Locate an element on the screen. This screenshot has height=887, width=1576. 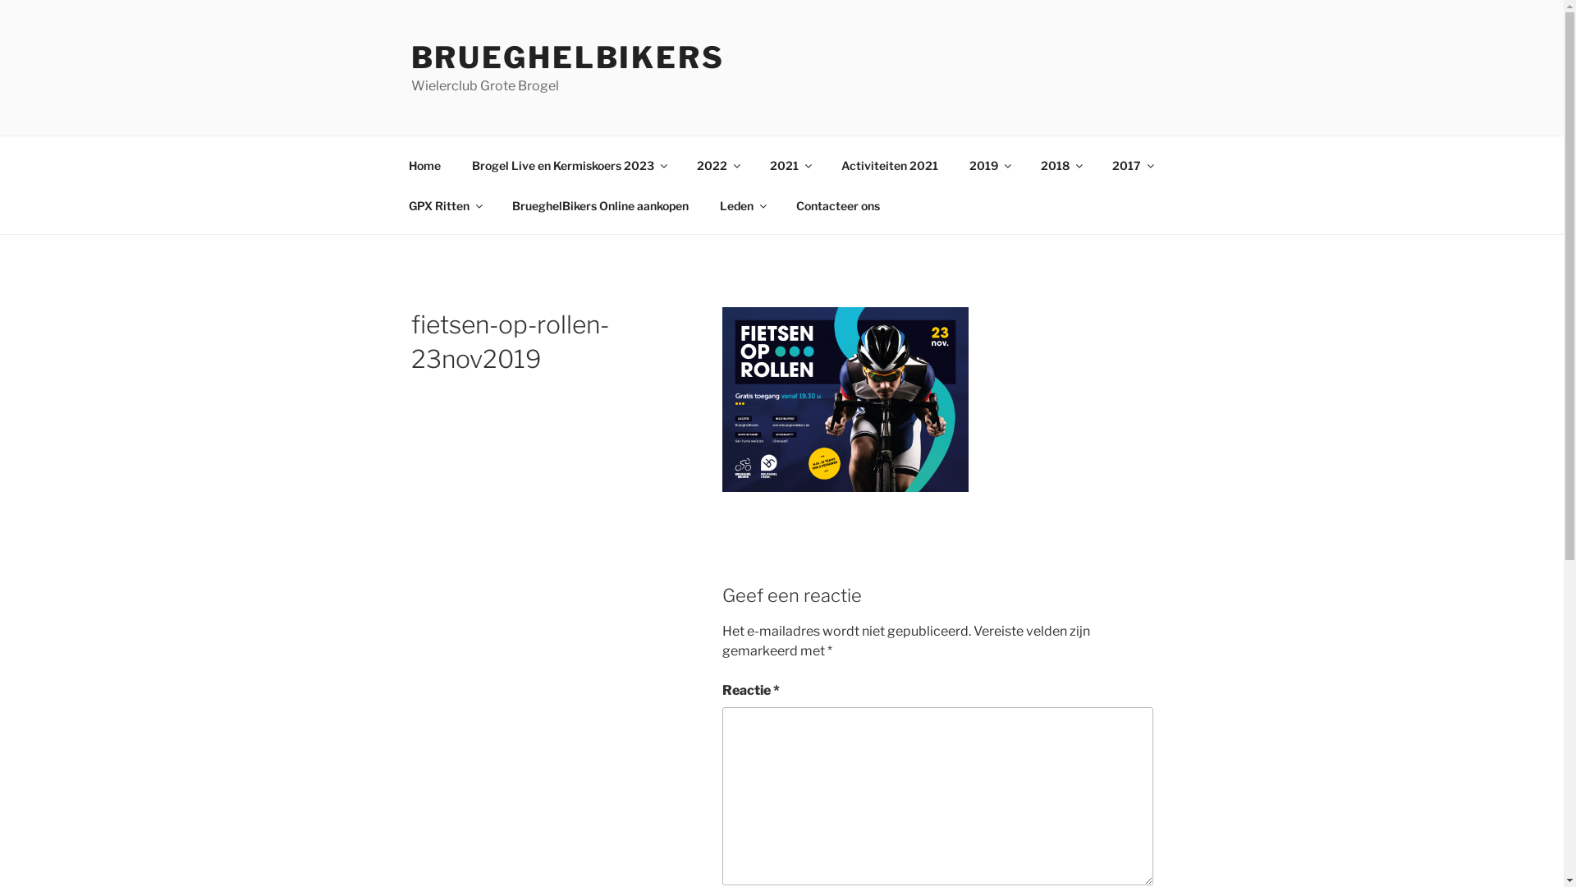
'2021' is located at coordinates (754, 164).